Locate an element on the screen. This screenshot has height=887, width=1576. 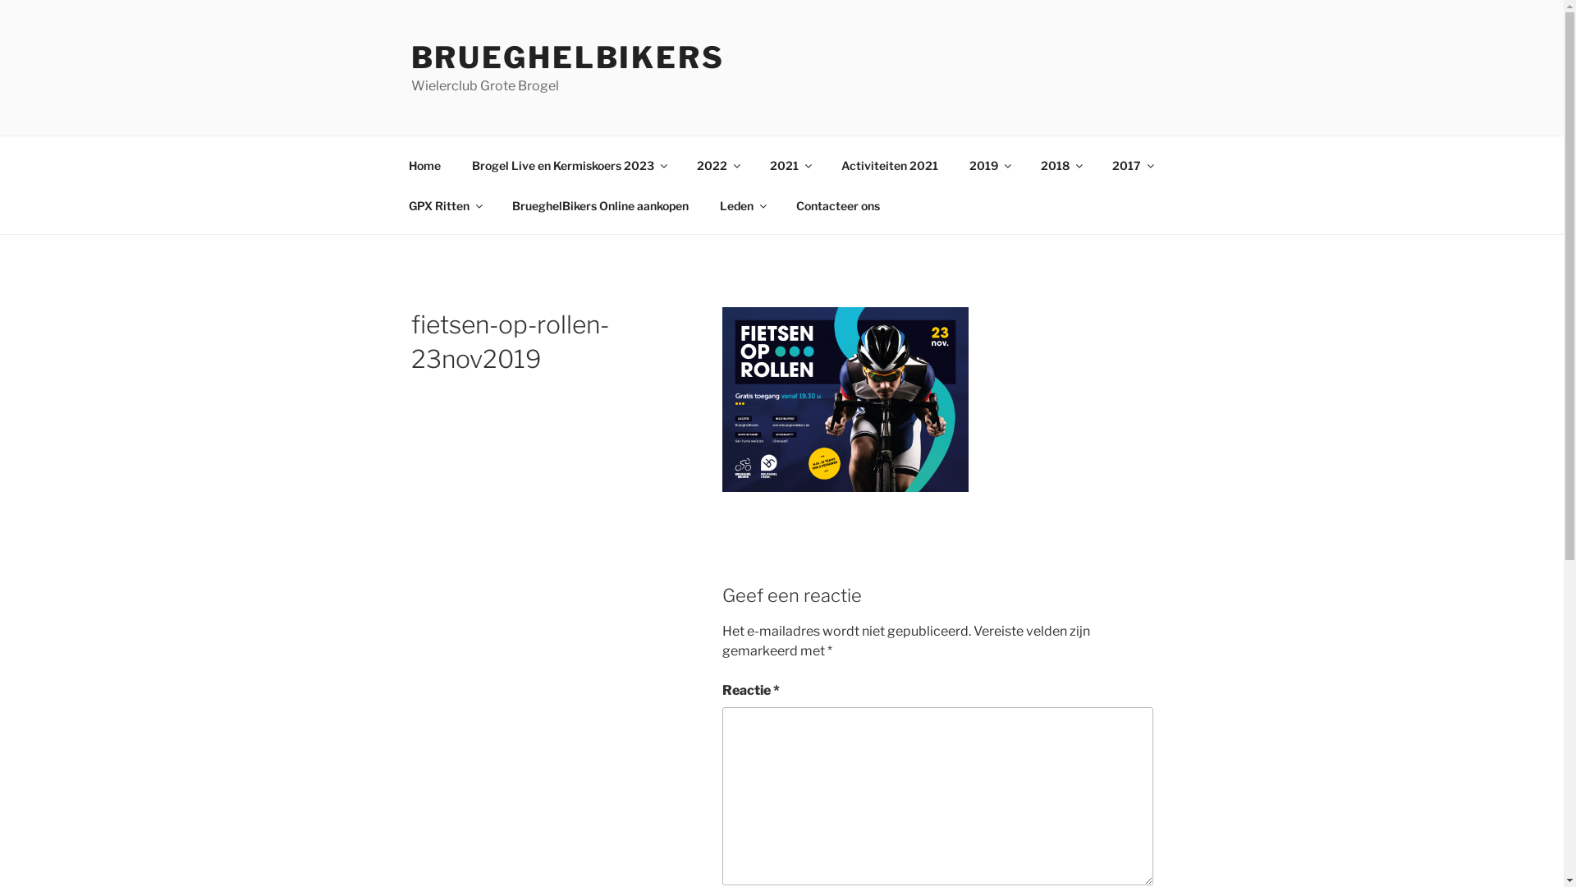
'2021' is located at coordinates (754, 164).